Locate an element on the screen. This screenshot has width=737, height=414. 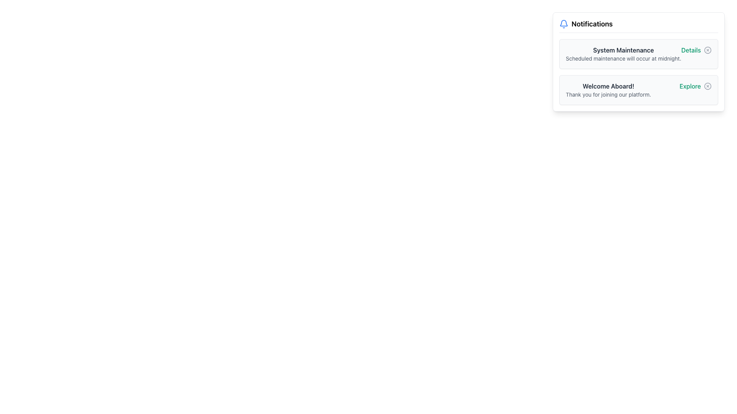
the text link labeled 'Explore' in the second notification card is located at coordinates (690, 86).